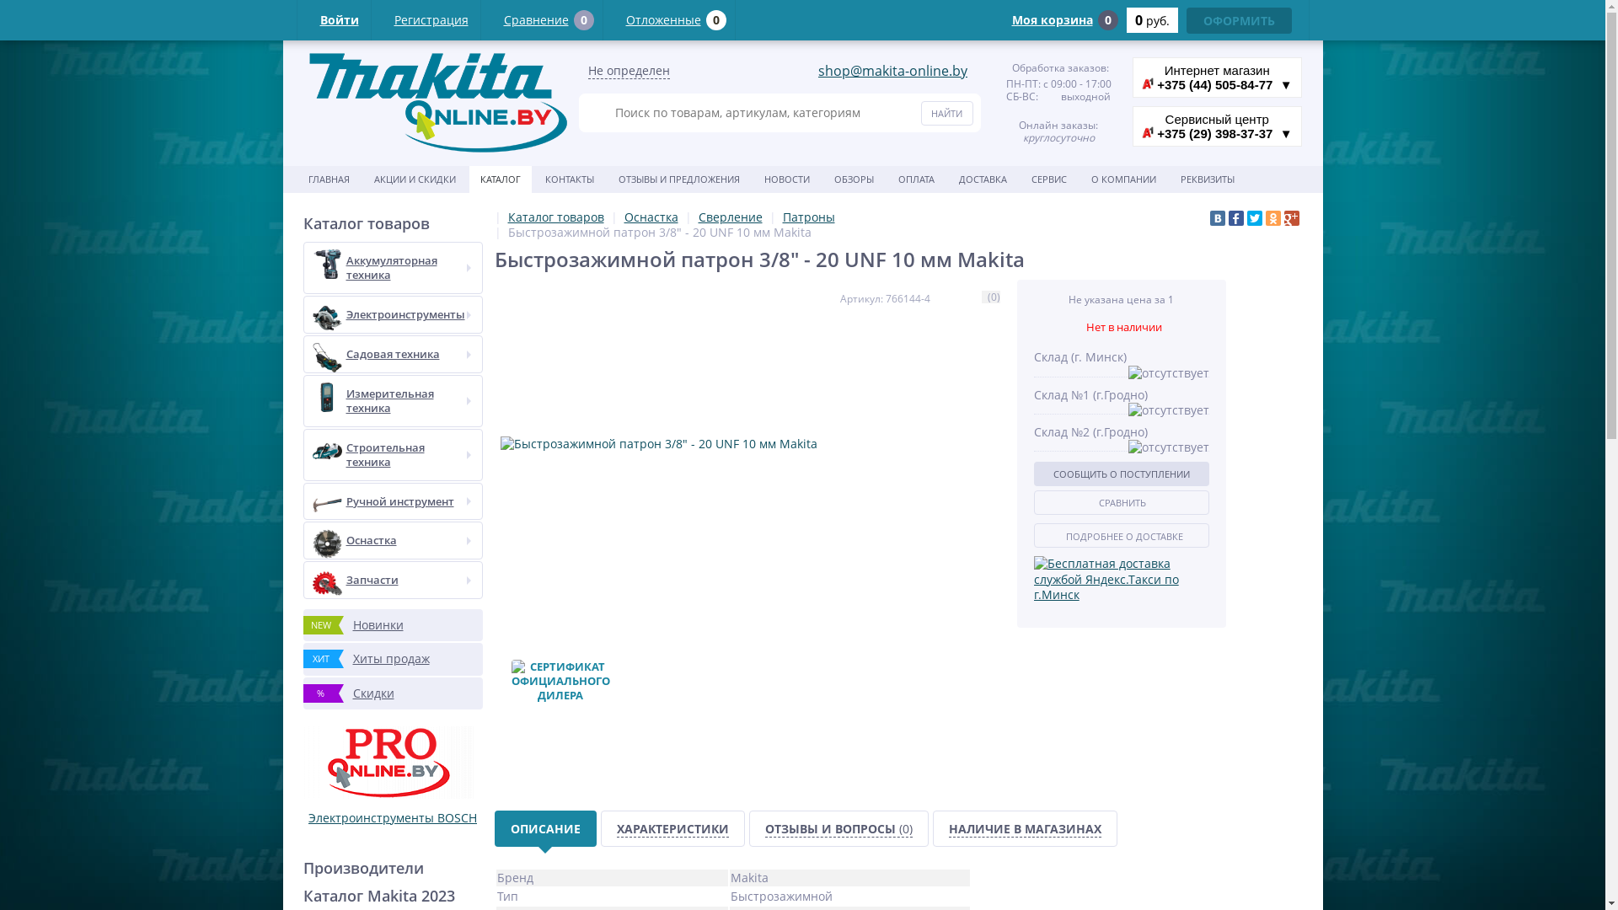 The height and width of the screenshot is (910, 1618). I want to click on 'Facebook', so click(1229, 217).